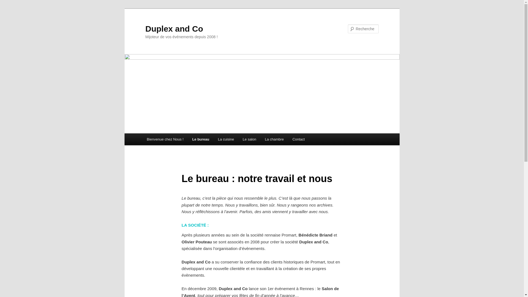 The image size is (528, 297). What do you see at coordinates (8, 8) in the screenshot?
I see `'Aller au contenu principal'` at bounding box center [8, 8].